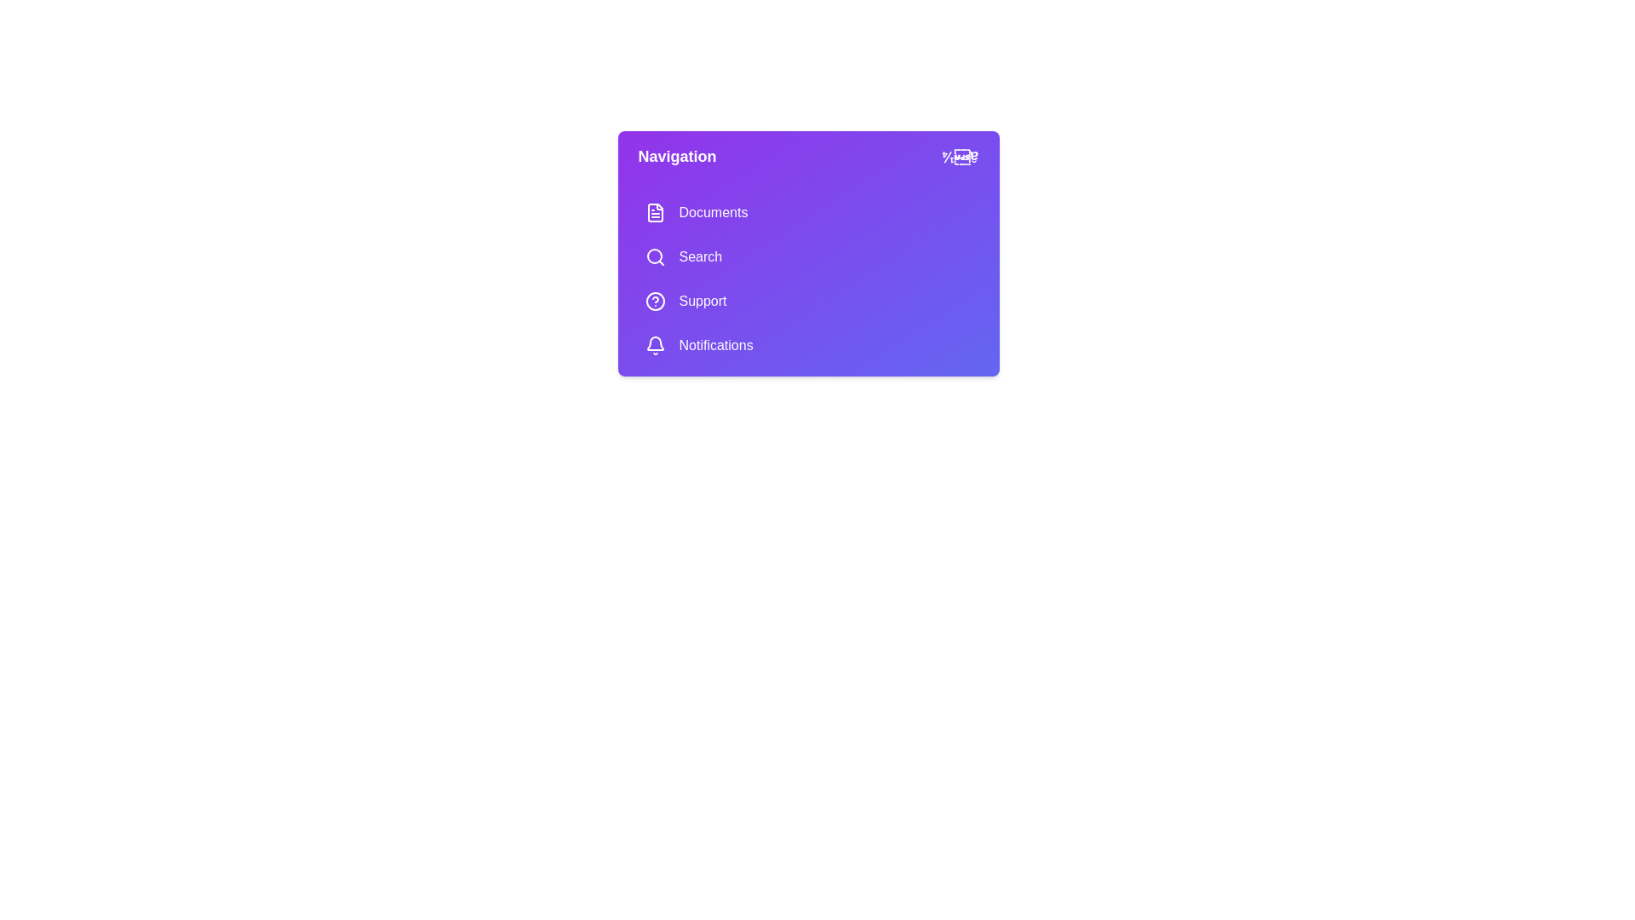 The image size is (1635, 920). I want to click on the menu item Documents to observe the visual feedback, so click(807, 212).